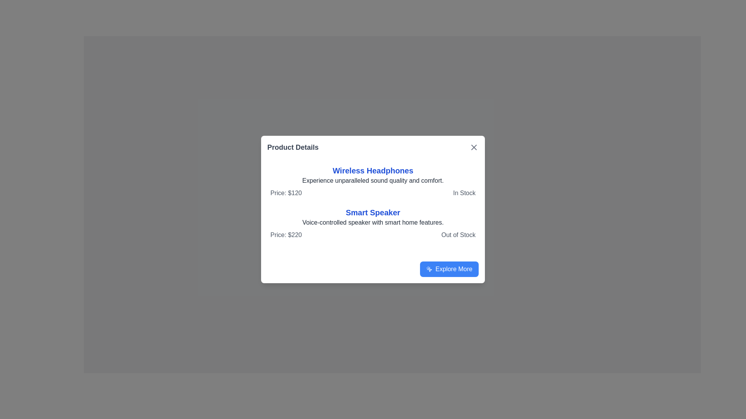  I want to click on the Close button icon located in the top-right corner of the 'Product Details' modal dialog, so click(473, 147).